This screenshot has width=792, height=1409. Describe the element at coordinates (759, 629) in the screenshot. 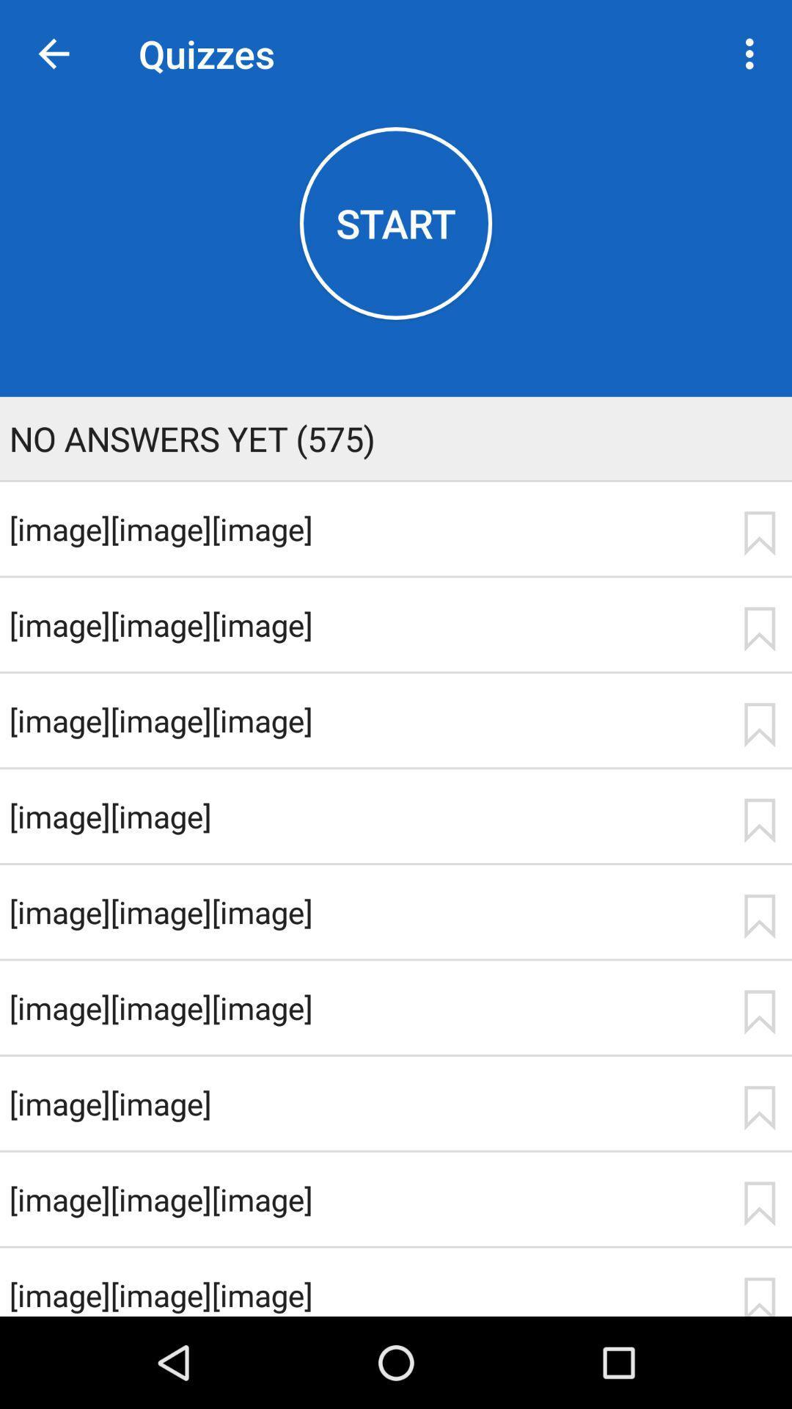

I see `bookmark` at that location.